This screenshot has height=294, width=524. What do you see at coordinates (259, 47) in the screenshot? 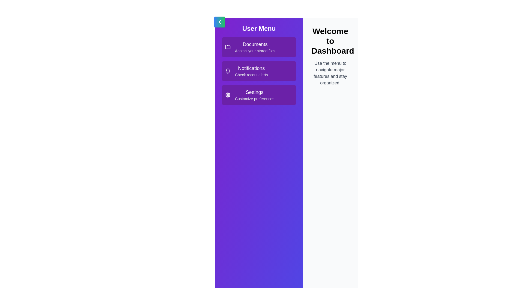
I see `the menu item Documents to navigate to its corresponding section` at bounding box center [259, 47].